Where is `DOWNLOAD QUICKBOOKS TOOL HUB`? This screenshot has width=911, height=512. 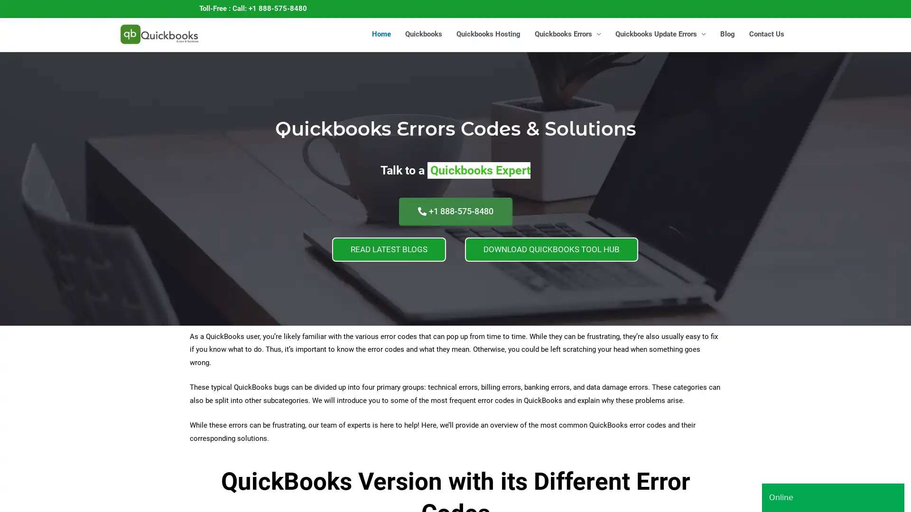 DOWNLOAD QUICKBOOKS TOOL HUB is located at coordinates (551, 248).